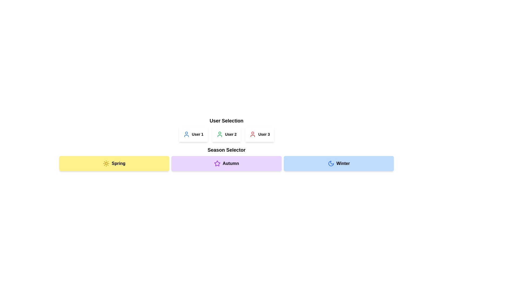 The width and height of the screenshot is (519, 292). I want to click on the rectangular button with a soft purple background and a centered star icon, labeled 'Autumn', so click(227, 163).